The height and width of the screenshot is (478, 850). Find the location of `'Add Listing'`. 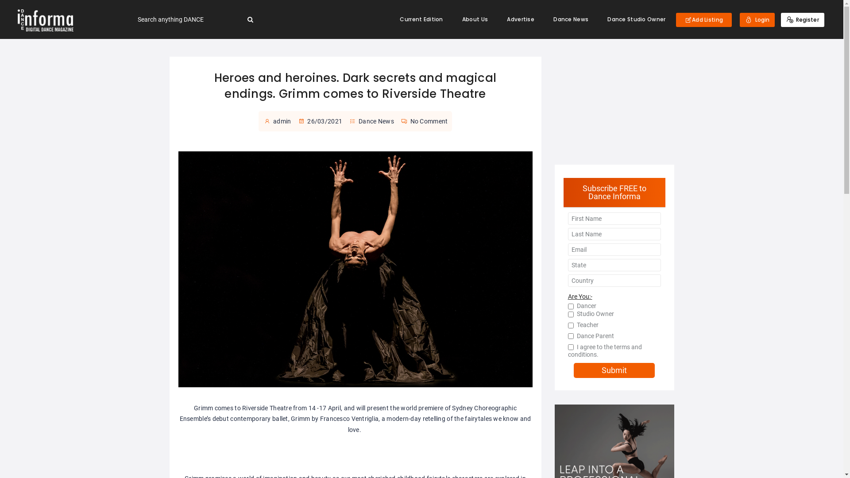

'Add Listing' is located at coordinates (703, 20).